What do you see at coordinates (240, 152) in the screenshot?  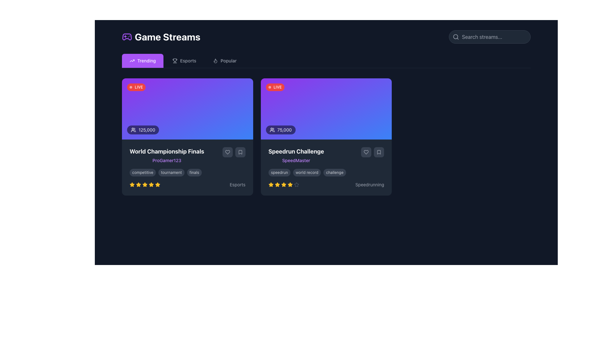 I see `the bookmark icon located in the top-right corner of the 'World Championship Finals' card` at bounding box center [240, 152].